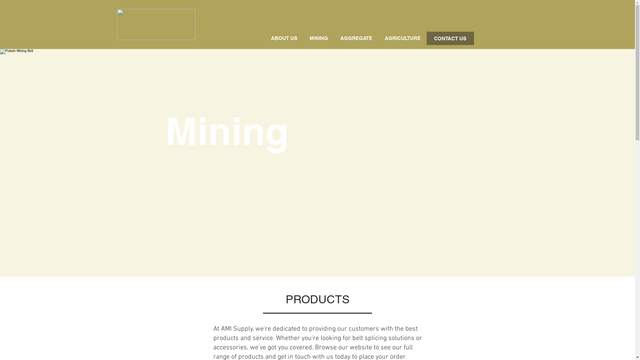 Image resolution: width=640 pixels, height=360 pixels. Describe the element at coordinates (427, 38) in the screenshot. I see `'CONTACT US'` at that location.